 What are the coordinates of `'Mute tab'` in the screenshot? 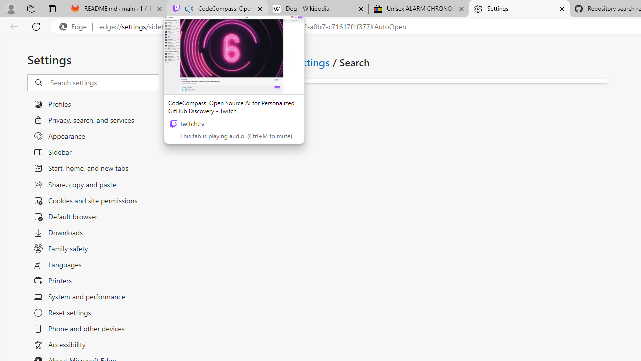 It's located at (189, 8).